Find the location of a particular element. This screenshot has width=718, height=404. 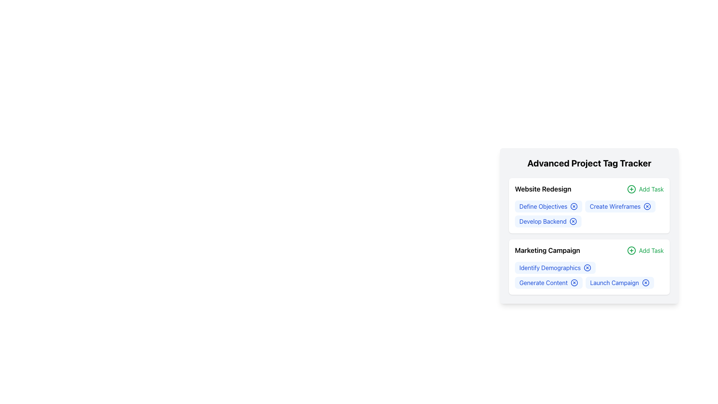

the small SVG circle component that functions as a close action button within the 'Generate Content' task label under the 'Marketing Campaign' section is located at coordinates (574, 283).